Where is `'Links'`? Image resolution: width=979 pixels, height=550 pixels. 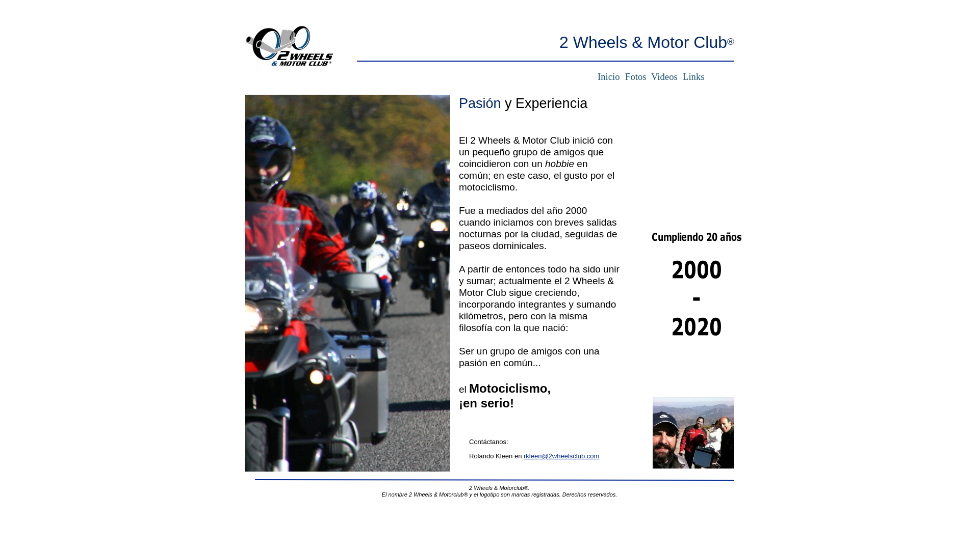 'Links' is located at coordinates (693, 76).